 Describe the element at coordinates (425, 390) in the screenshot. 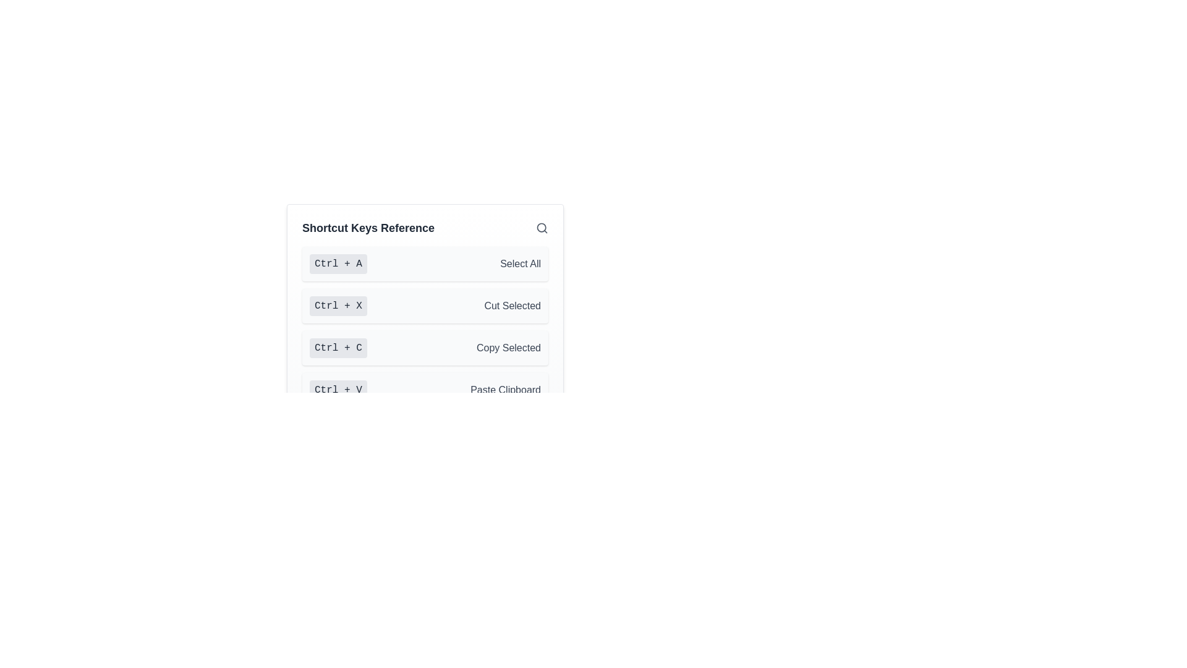

I see `the Informational display element showing 'Ctrl + V' and 'Paste Clipboard', which is the fourth item in a vertical list of shortcut key references` at that location.